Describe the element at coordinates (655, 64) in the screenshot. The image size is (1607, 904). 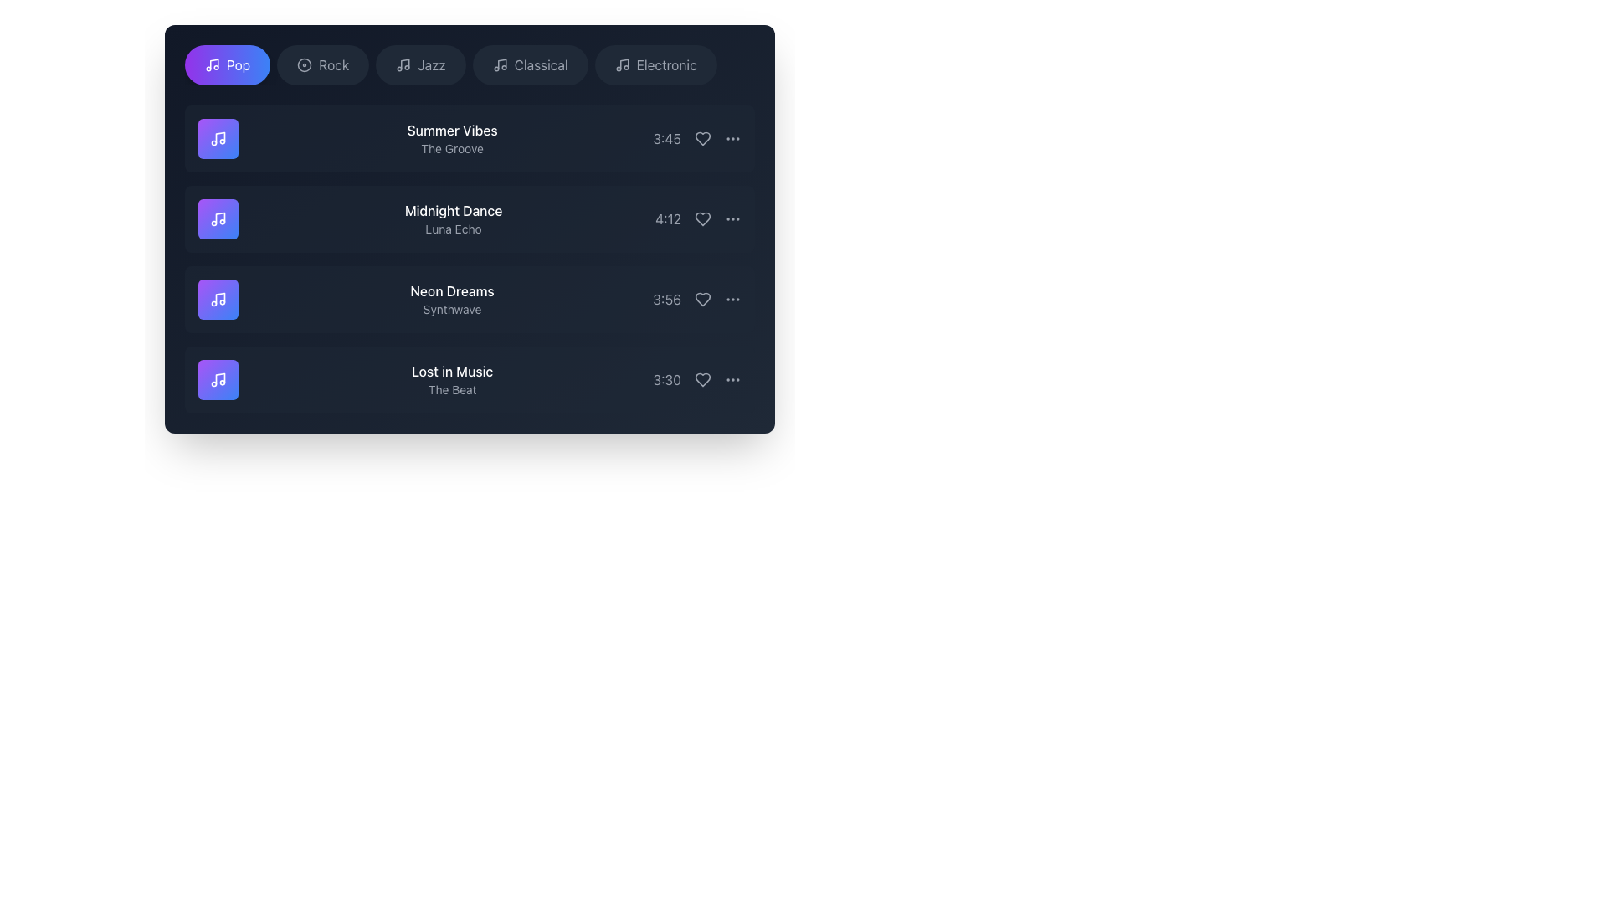
I see `the 'Electronic' button with a musical note icon to filter or navigate in the genre tabs at the top of the interface` at that location.